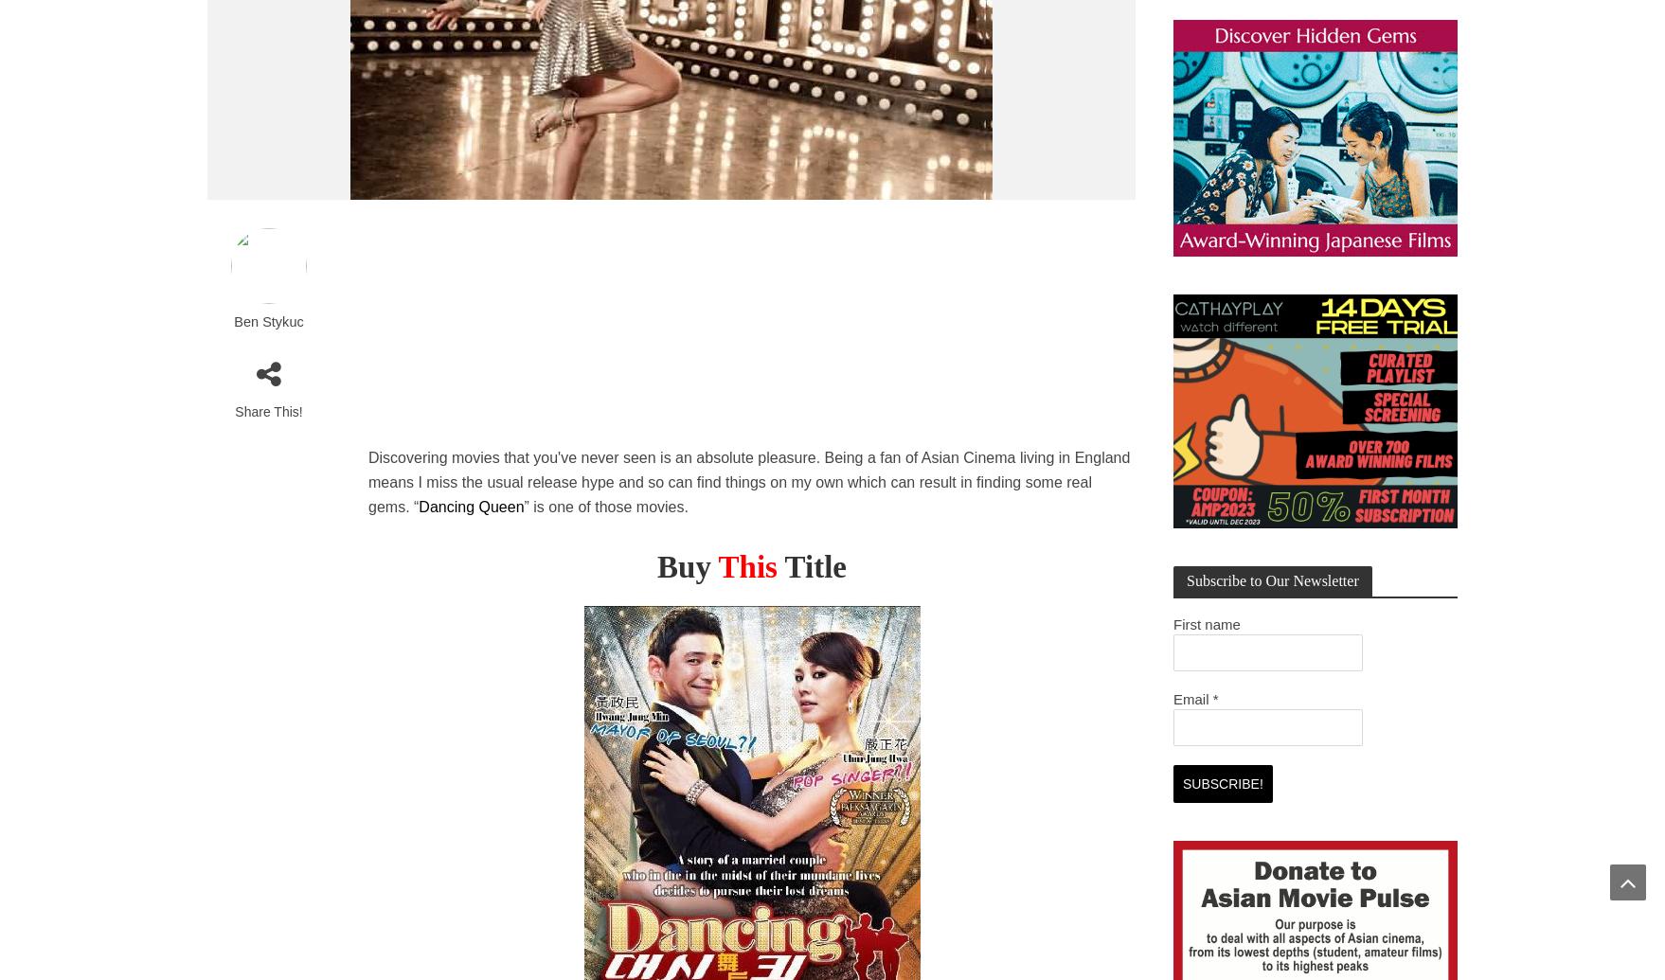 The image size is (1665, 980). Describe the element at coordinates (1214, 698) in the screenshot. I see `'*'` at that location.